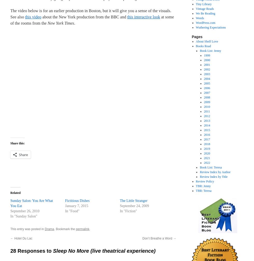 This screenshot has width=254, height=261. Describe the element at coordinates (90, 14) in the screenshot. I see `'The video below is for an earlier production in Boston, but it will give you a sense of the visuals. See also'` at that location.